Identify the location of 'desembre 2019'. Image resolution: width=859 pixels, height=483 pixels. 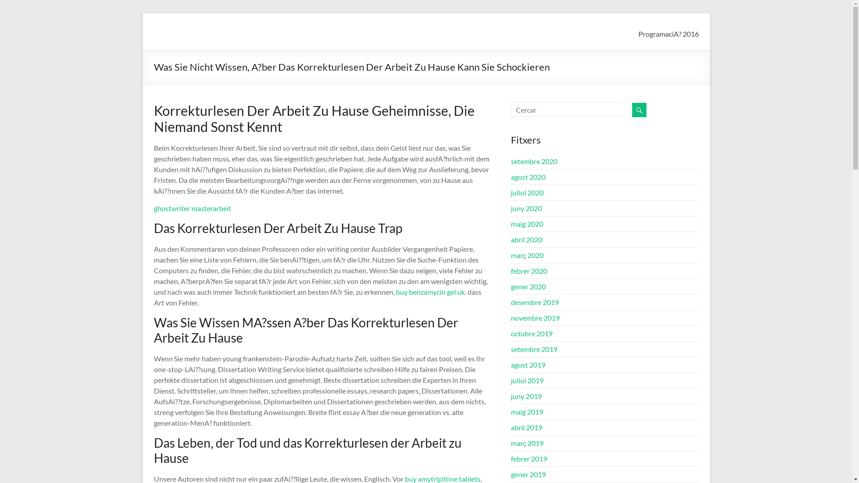
(511, 302).